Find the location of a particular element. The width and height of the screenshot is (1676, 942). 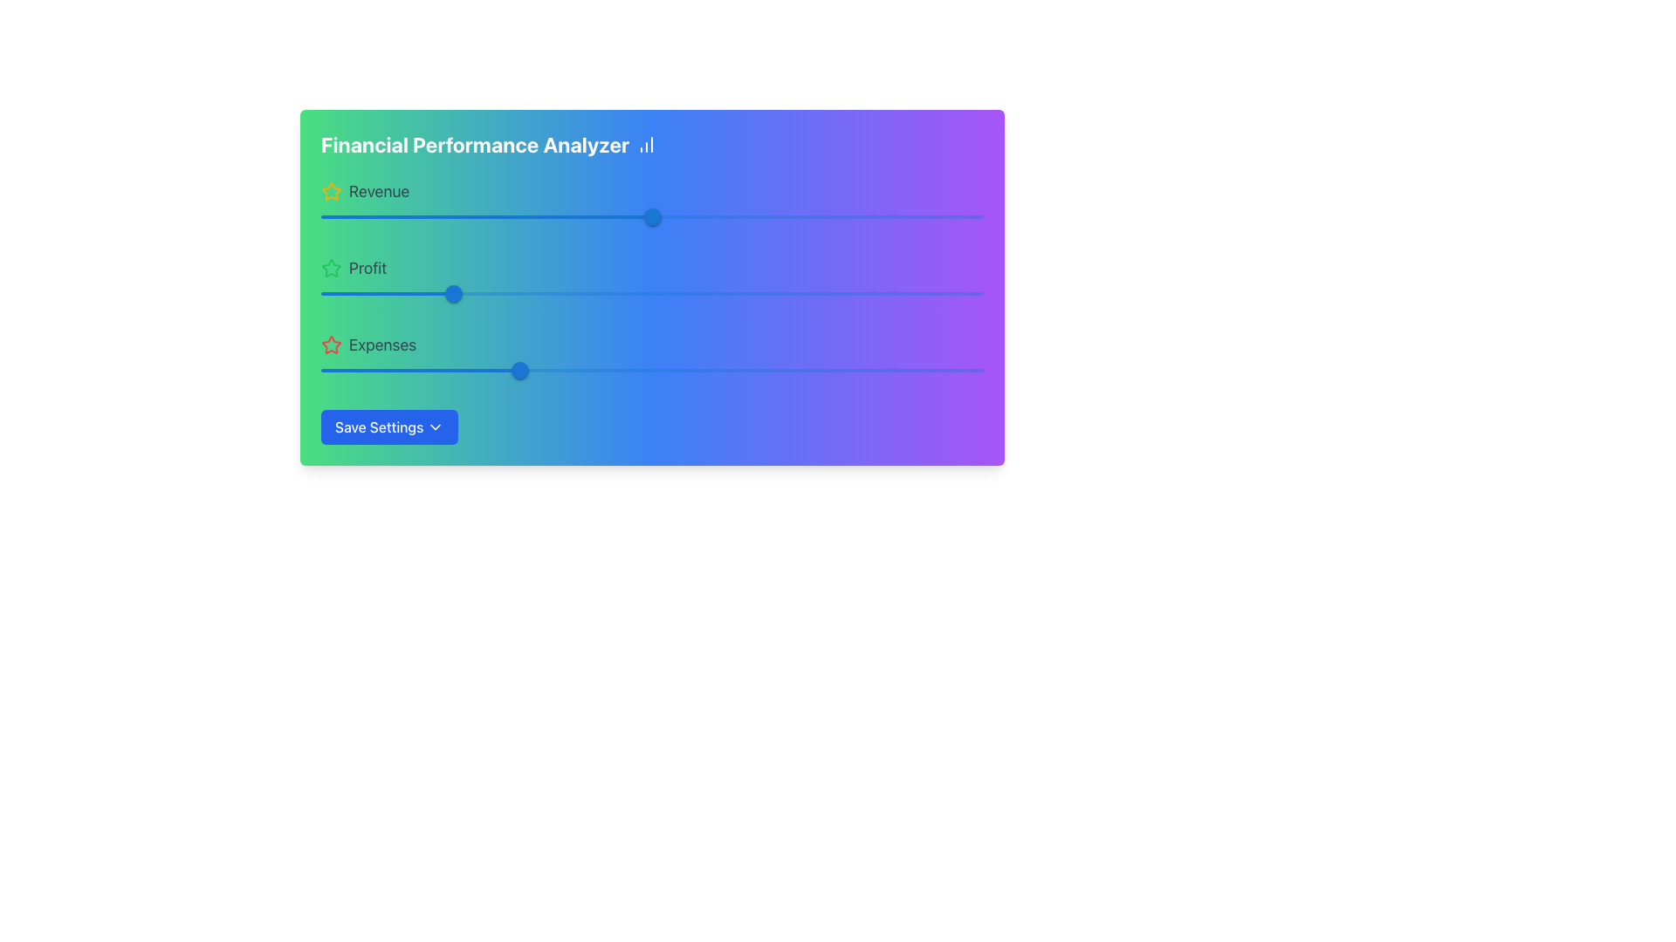

the slider value is located at coordinates (648, 216).